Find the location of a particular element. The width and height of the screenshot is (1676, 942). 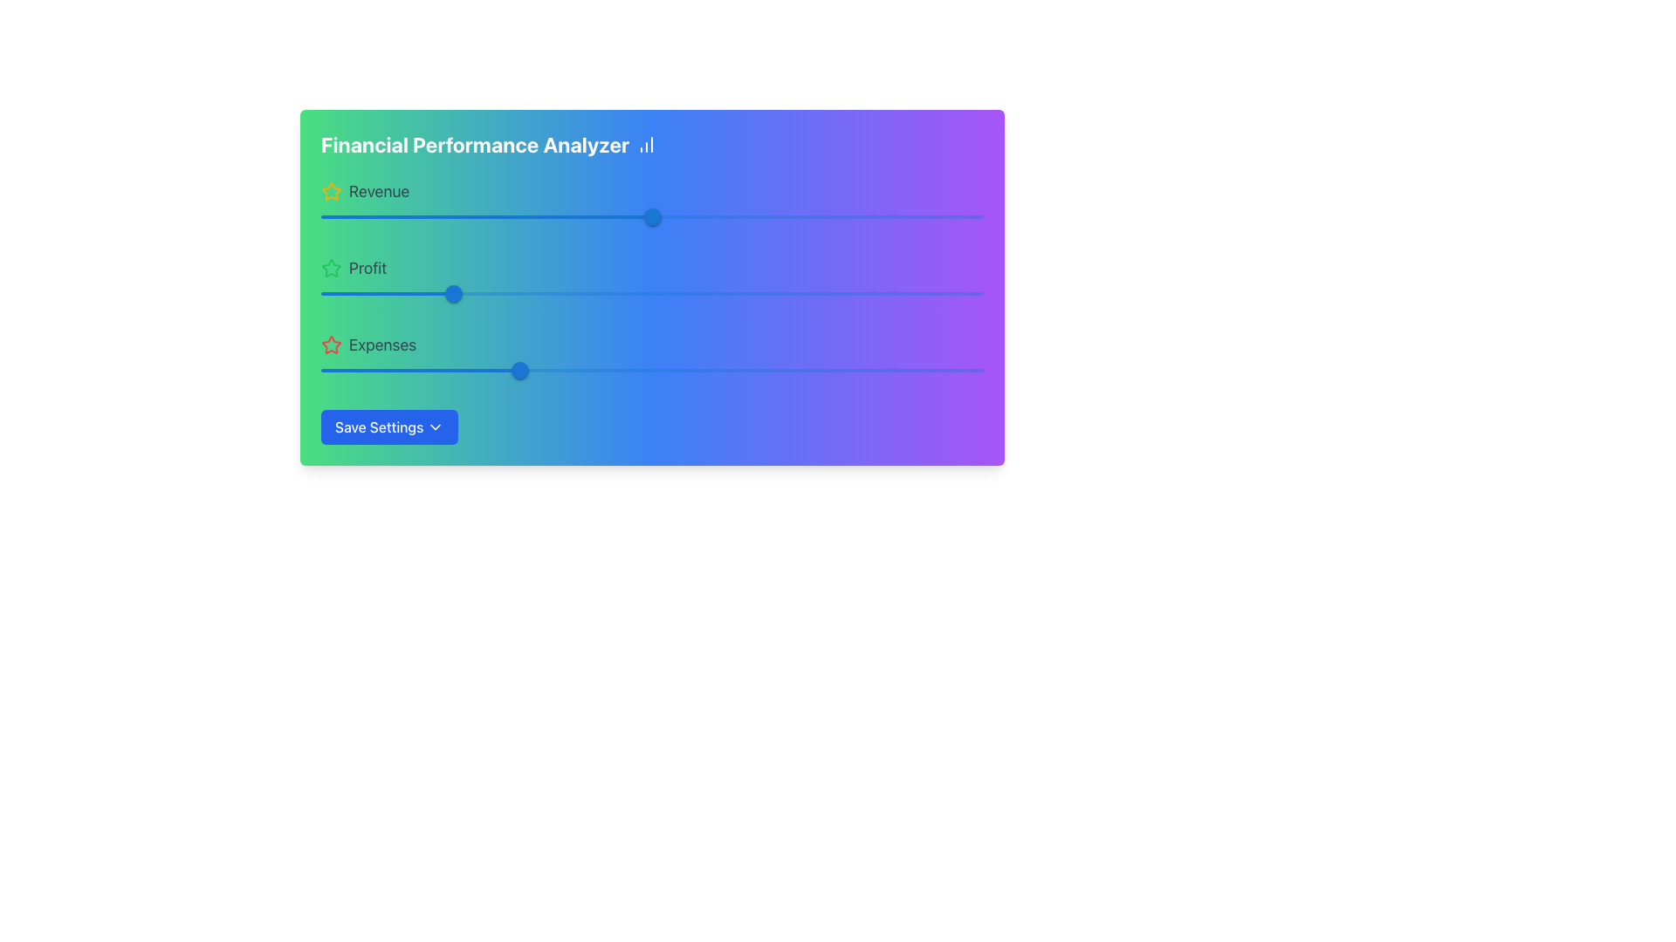

the slider value is located at coordinates (648, 216).